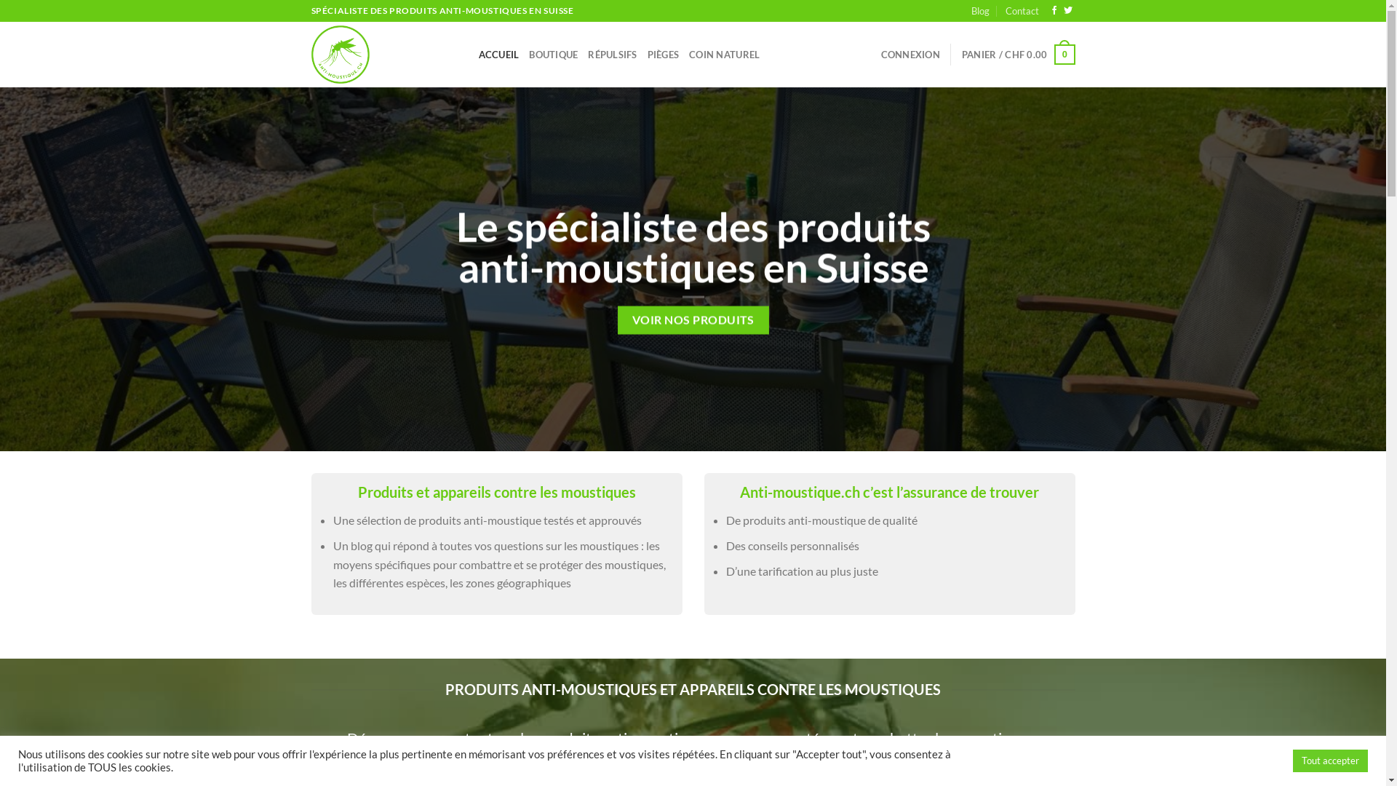 This screenshot has height=786, width=1397. What do you see at coordinates (1018, 53) in the screenshot?
I see `'PANIER / CHF 0.00` at bounding box center [1018, 53].